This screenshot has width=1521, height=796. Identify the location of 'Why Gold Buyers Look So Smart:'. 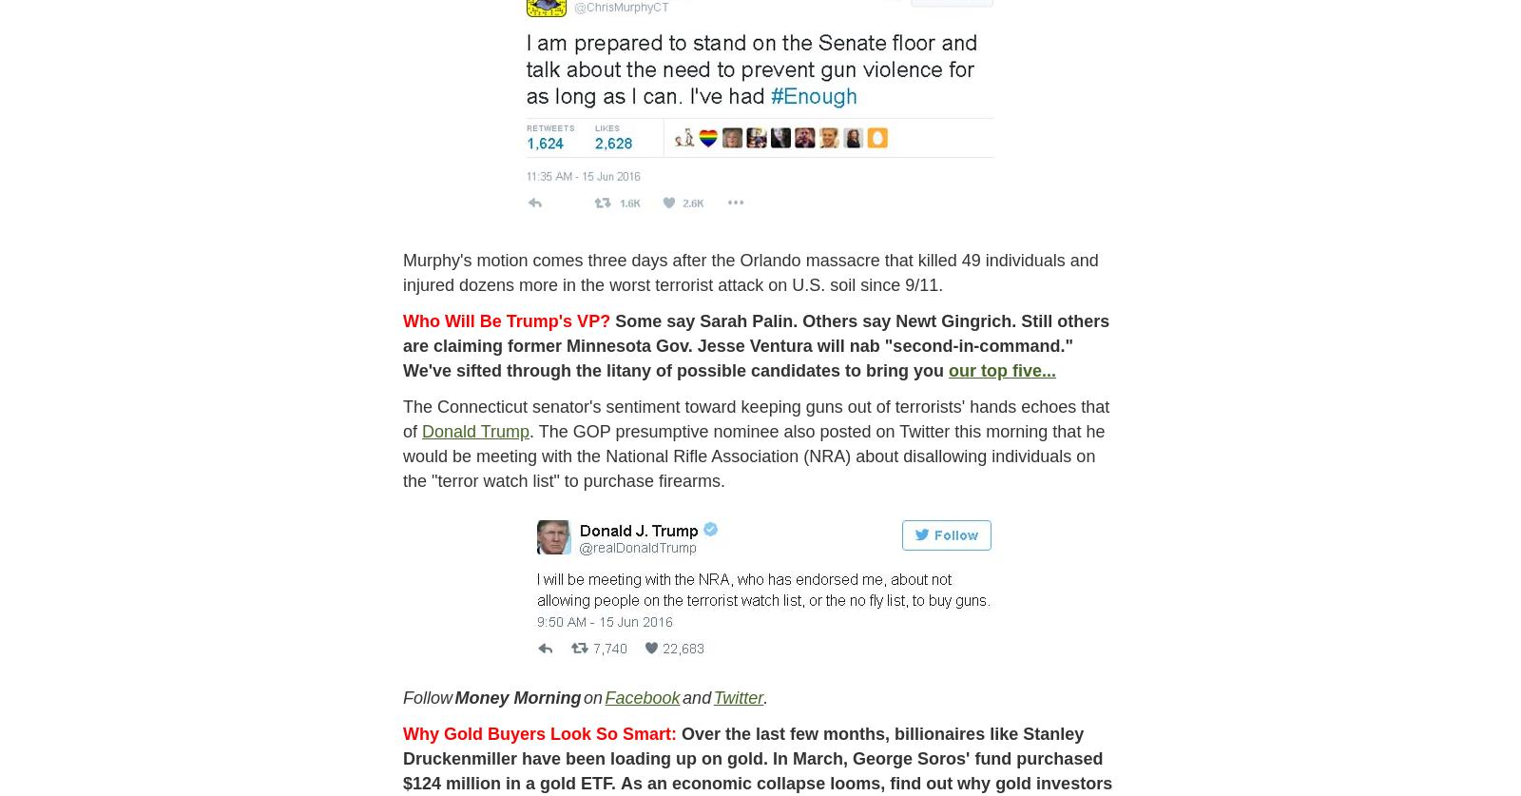
(539, 731).